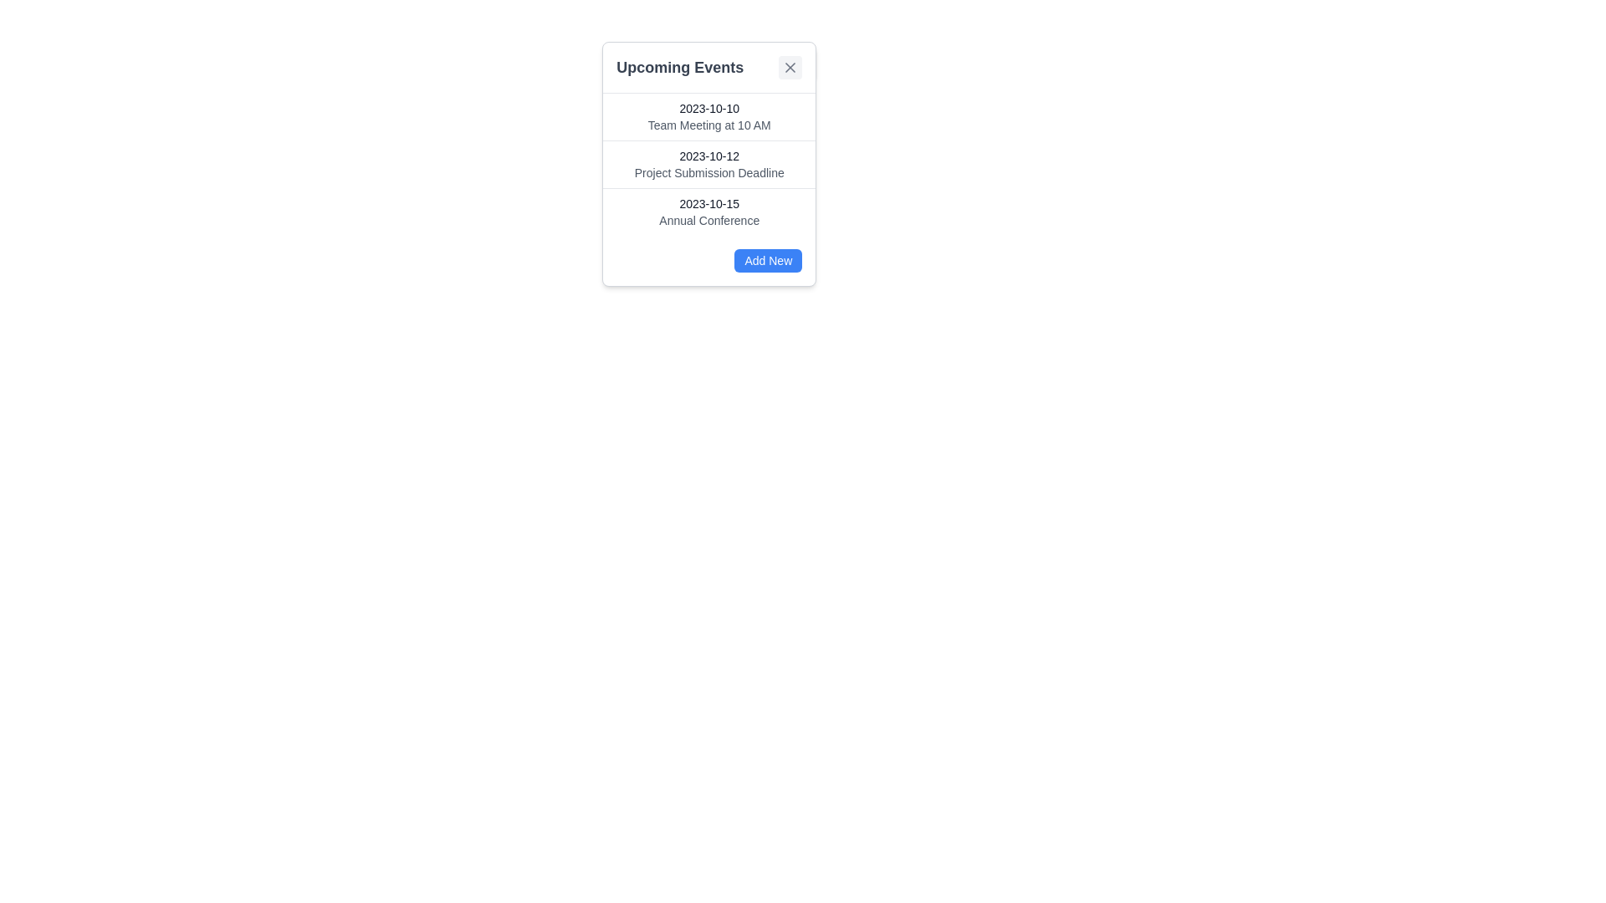 This screenshot has height=903, width=1606. Describe the element at coordinates (767, 261) in the screenshot. I see `the blue rectangular 'Add New' button with white text located at the bottom-right of the 'Upcoming Events' modal dialog` at that location.